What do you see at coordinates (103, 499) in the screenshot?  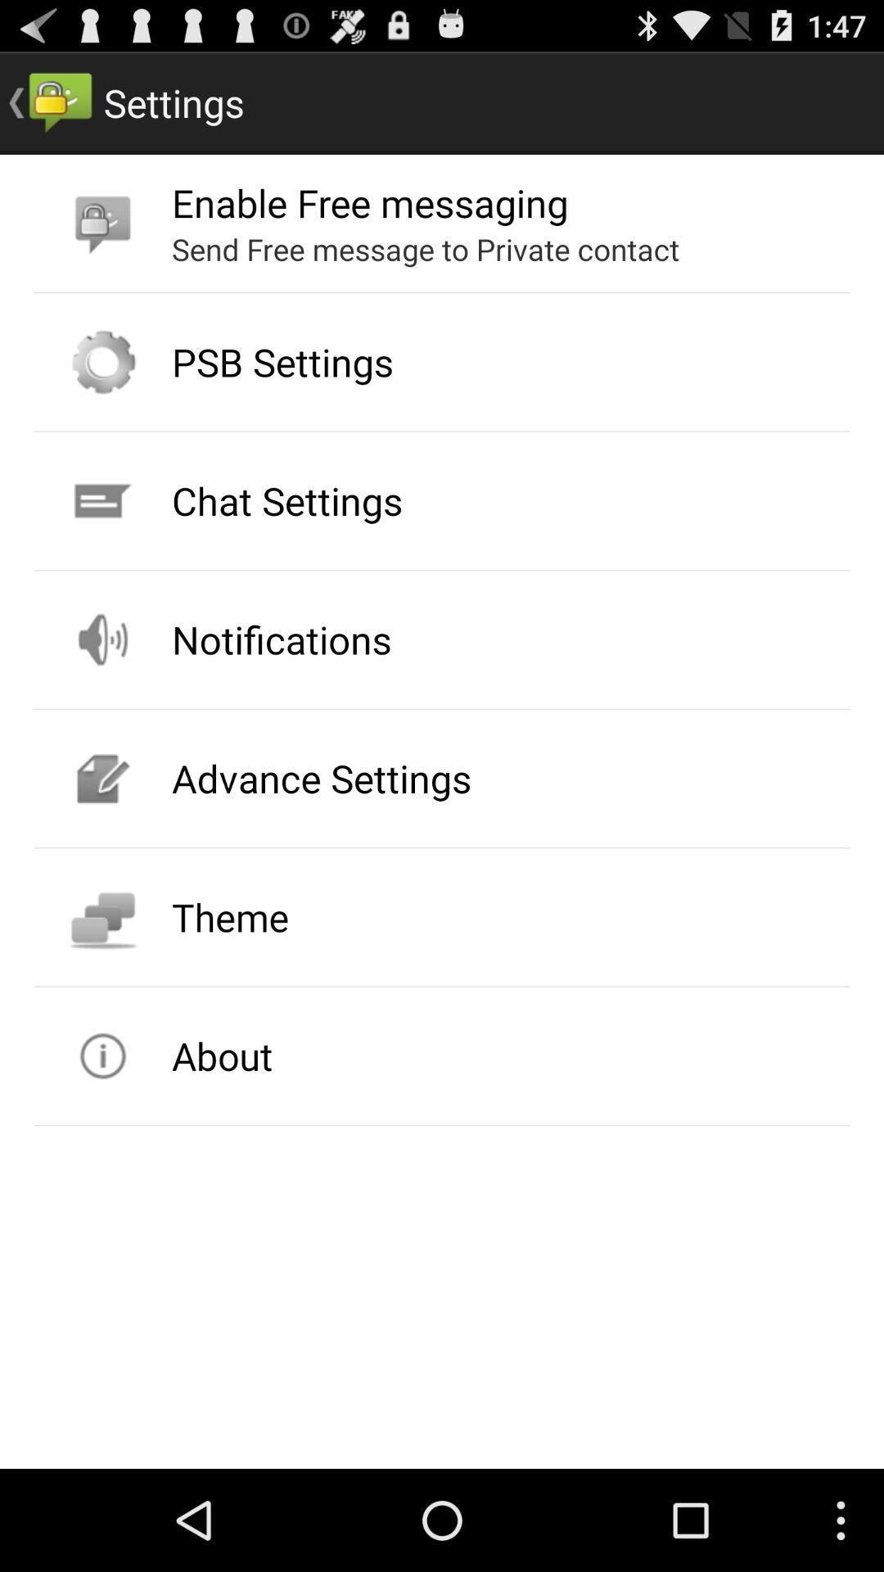 I see `the icon beside chat settings` at bounding box center [103, 499].